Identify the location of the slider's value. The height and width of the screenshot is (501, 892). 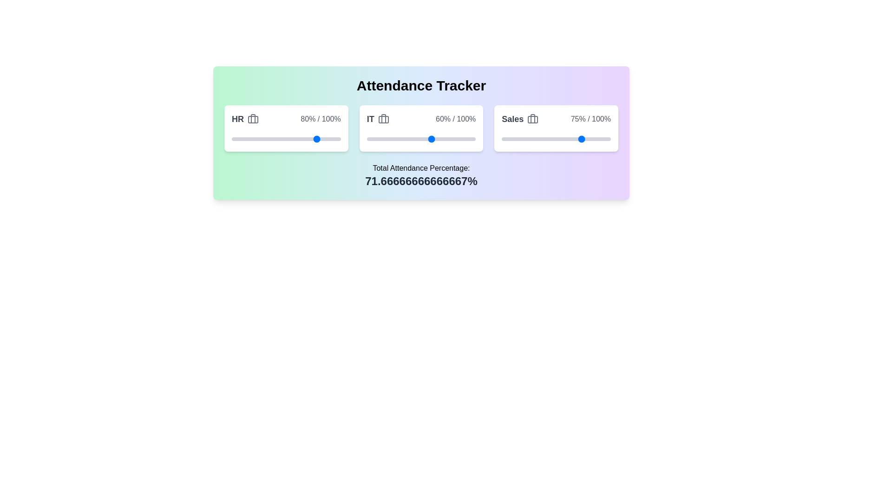
(537, 139).